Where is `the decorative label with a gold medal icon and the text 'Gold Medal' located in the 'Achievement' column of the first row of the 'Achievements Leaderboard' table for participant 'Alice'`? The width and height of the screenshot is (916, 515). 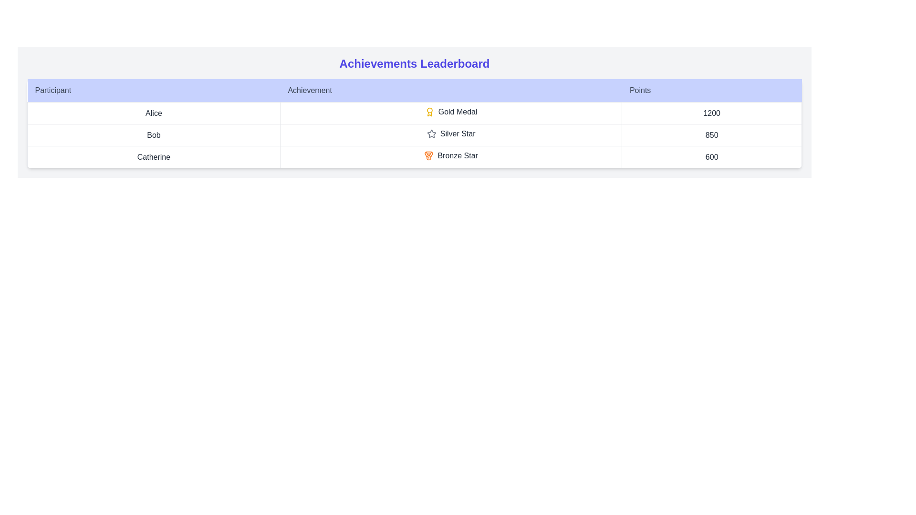 the decorative label with a gold medal icon and the text 'Gold Medal' located in the 'Achievement' column of the first row of the 'Achievements Leaderboard' table for participant 'Alice' is located at coordinates (450, 112).